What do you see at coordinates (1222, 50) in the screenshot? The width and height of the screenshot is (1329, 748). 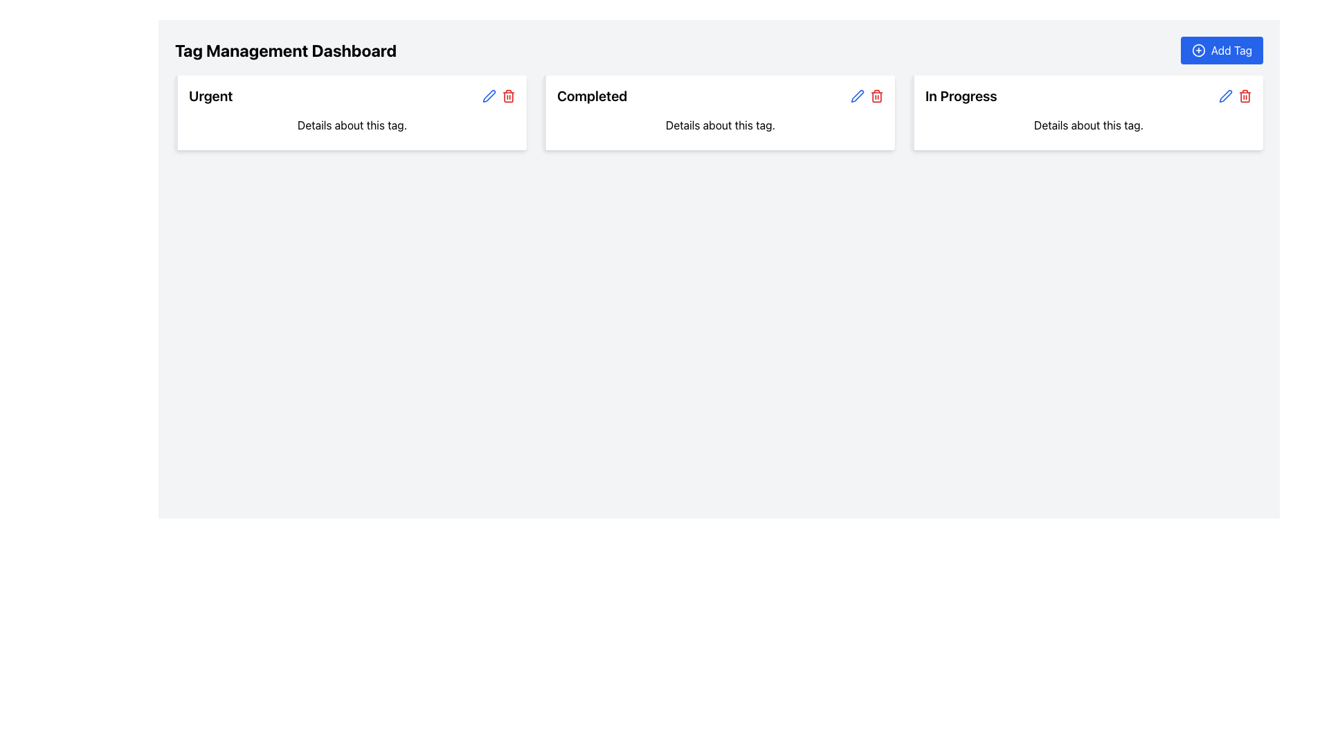 I see `the 'Add Tag' button located at the top-right corner of the interface to initiate the tag addition process` at bounding box center [1222, 50].